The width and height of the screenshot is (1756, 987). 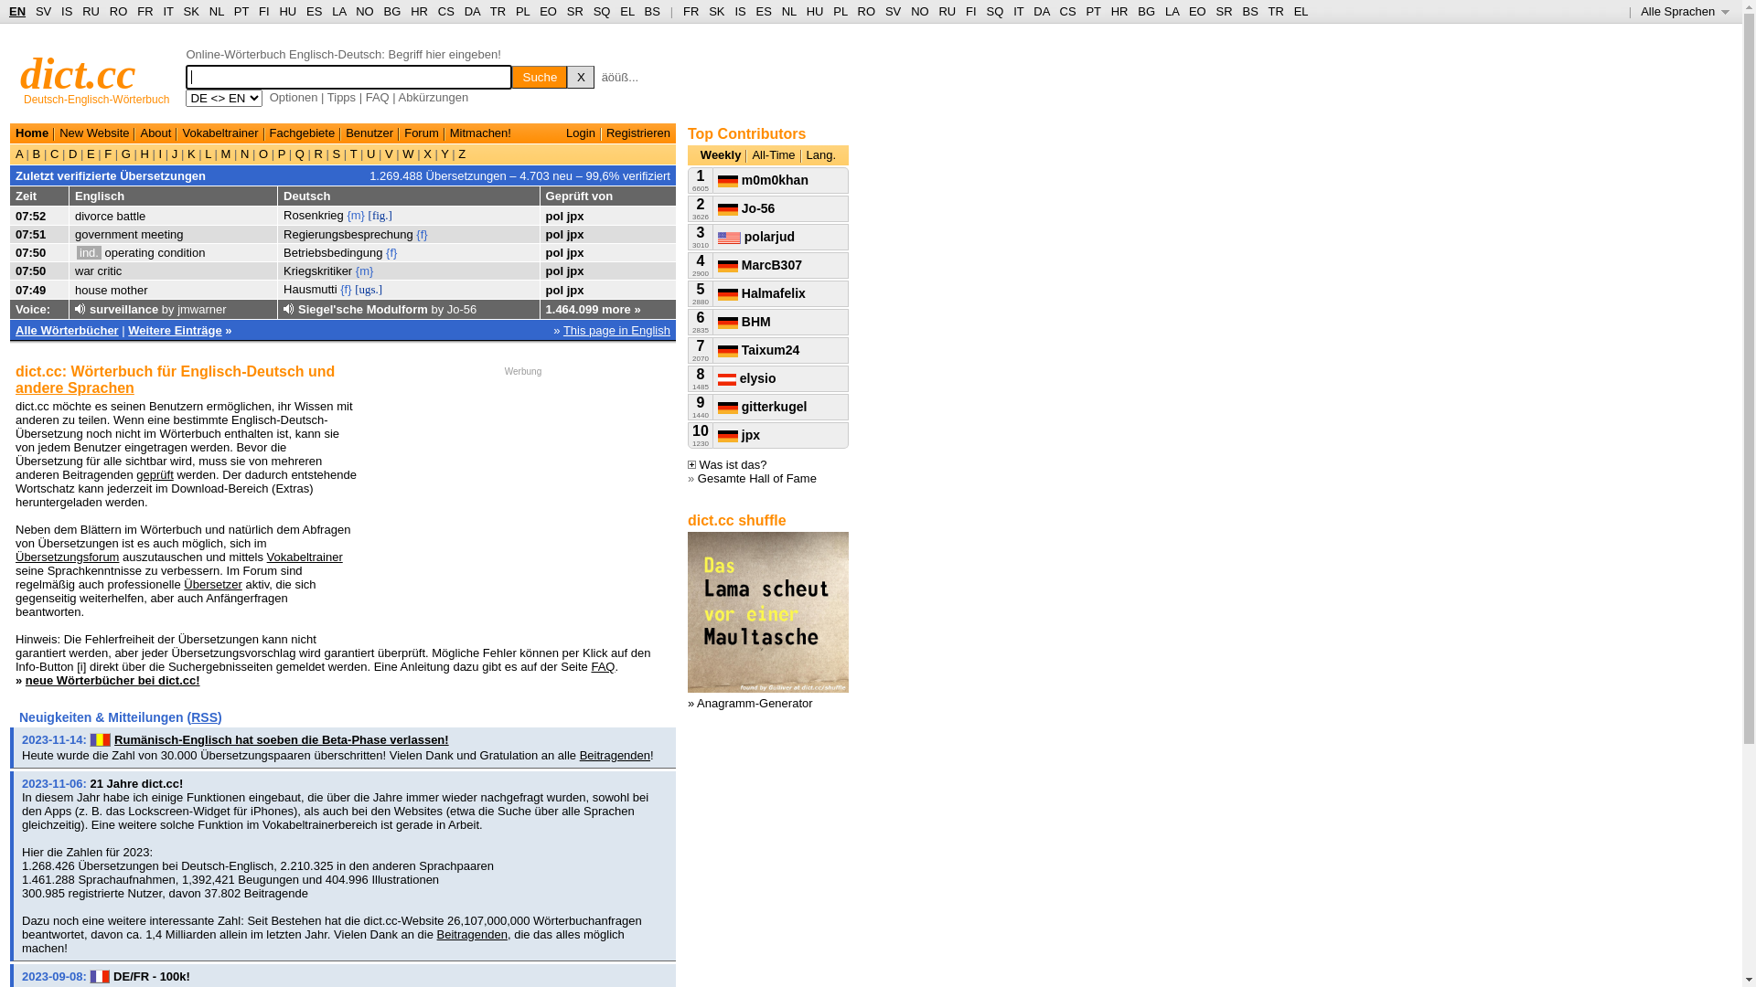 What do you see at coordinates (144, 11) in the screenshot?
I see `'FR'` at bounding box center [144, 11].